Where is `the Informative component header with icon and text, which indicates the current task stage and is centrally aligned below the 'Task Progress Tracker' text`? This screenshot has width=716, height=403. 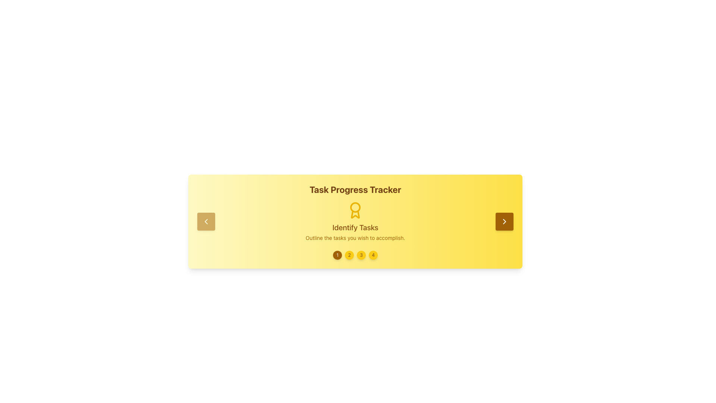 the Informative component header with icon and text, which indicates the current task stage and is centrally aligned below the 'Task Progress Tracker' text is located at coordinates (355, 221).